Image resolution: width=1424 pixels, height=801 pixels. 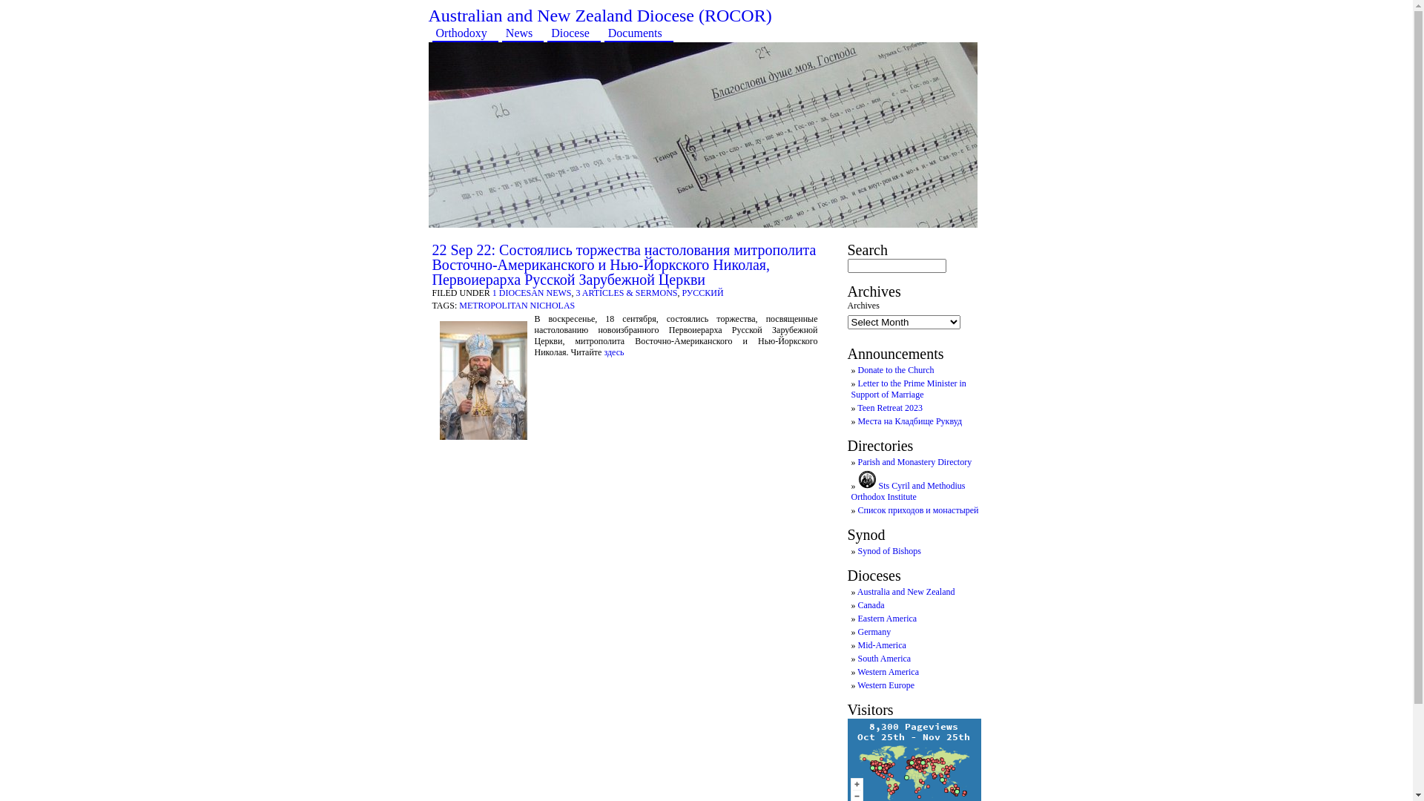 What do you see at coordinates (464, 33) in the screenshot?
I see `'Orthodoxy'` at bounding box center [464, 33].